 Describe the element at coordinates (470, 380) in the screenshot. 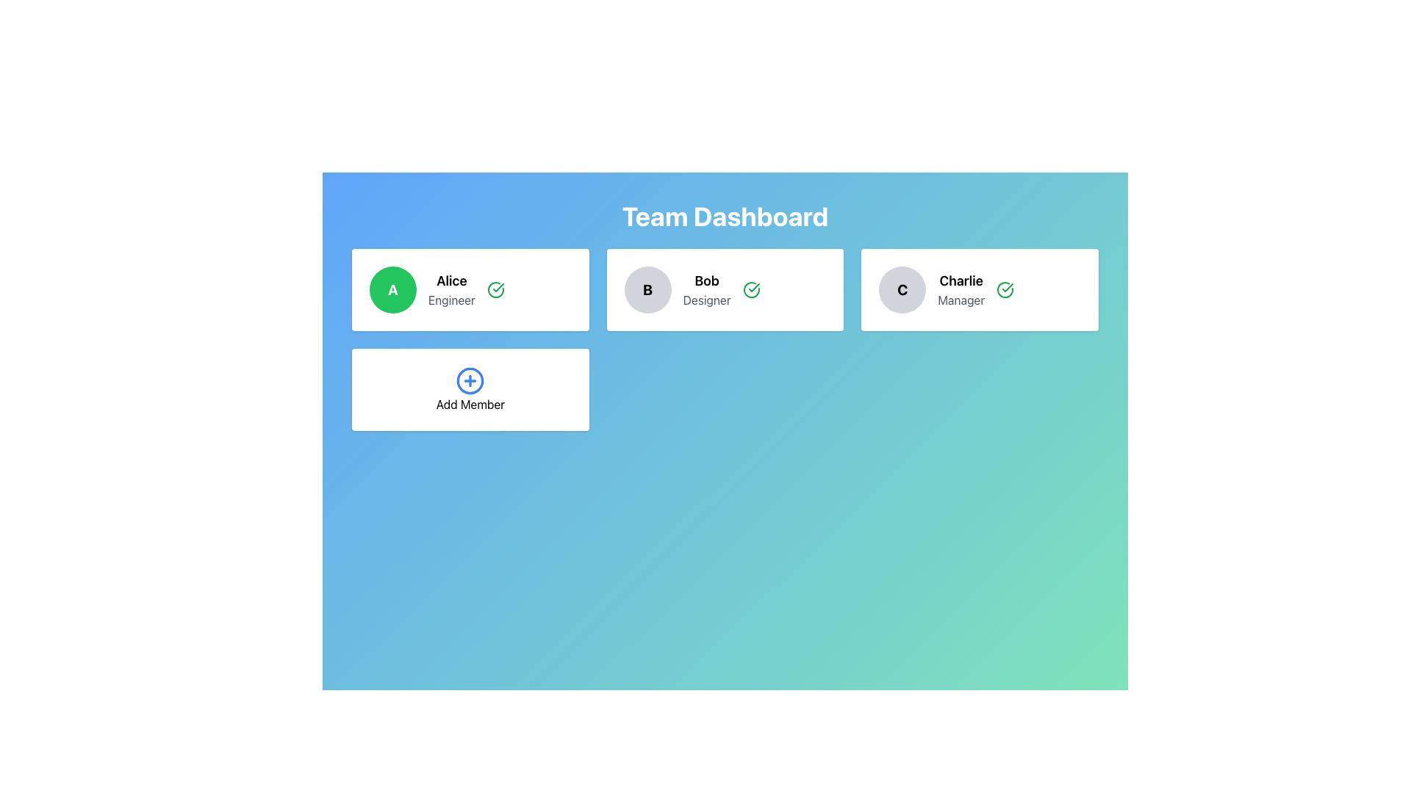

I see `the circular button labeled 'Add Member' to invoke its action for adding a new team member` at that location.